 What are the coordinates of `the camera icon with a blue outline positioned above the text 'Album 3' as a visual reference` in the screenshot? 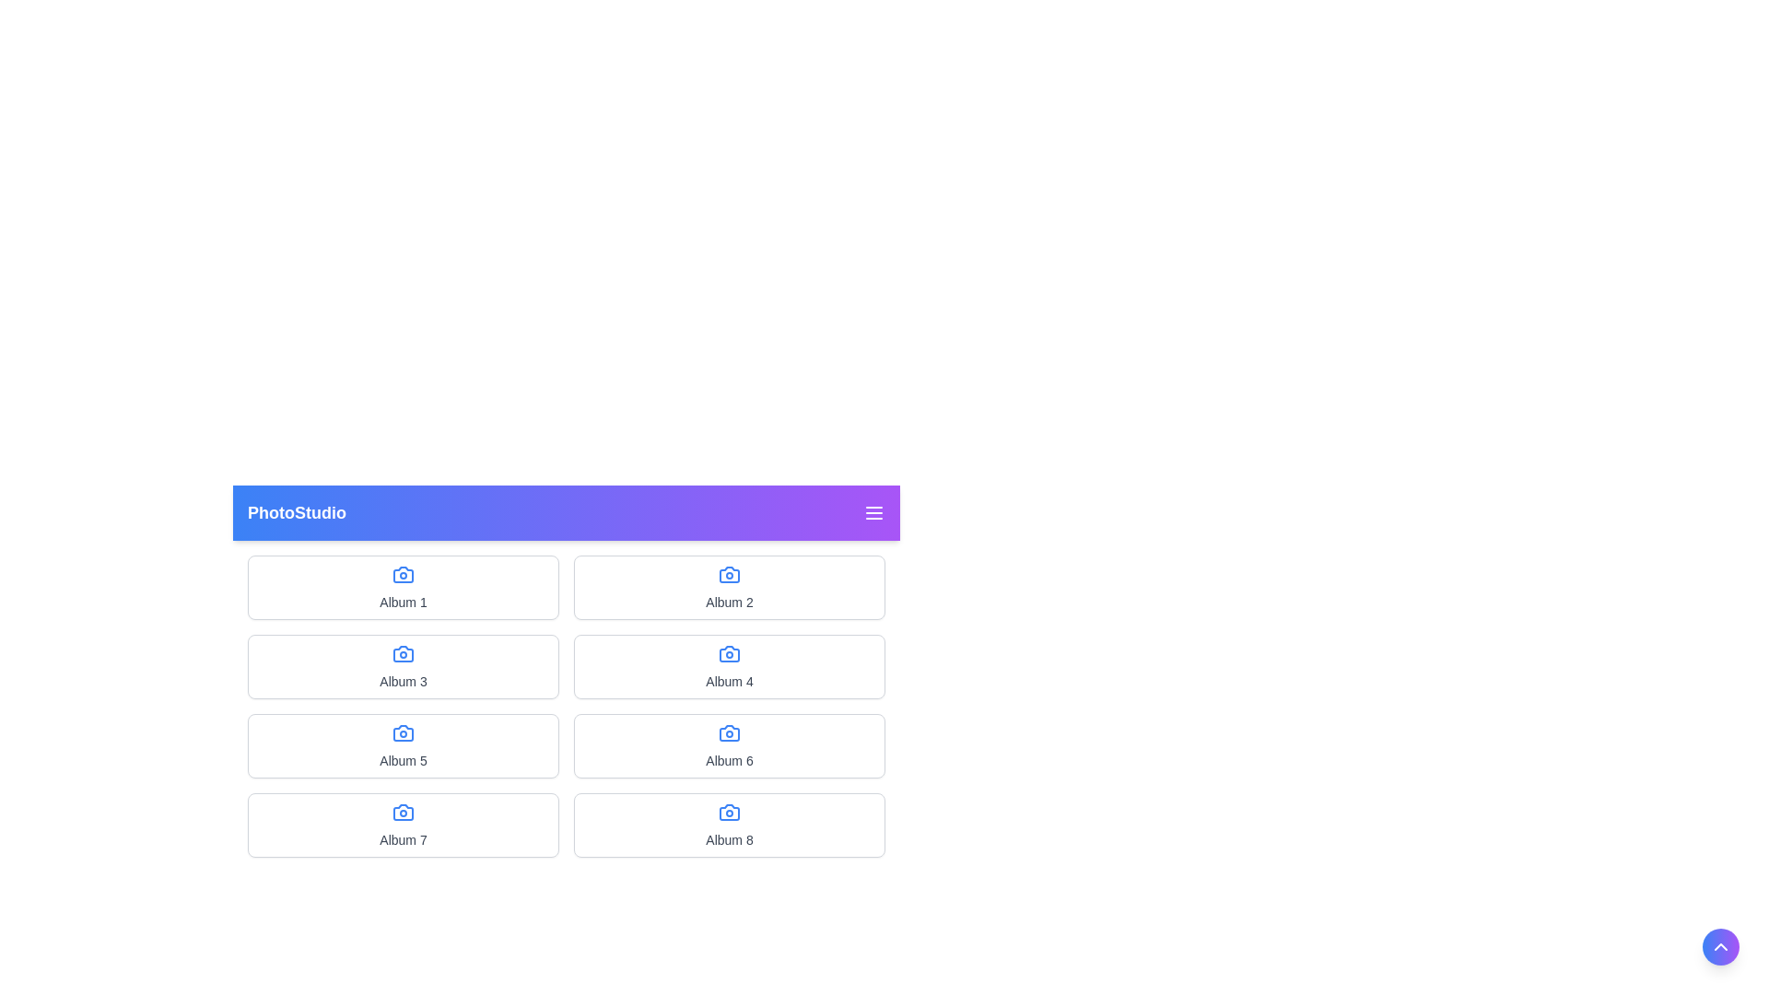 It's located at (402, 652).